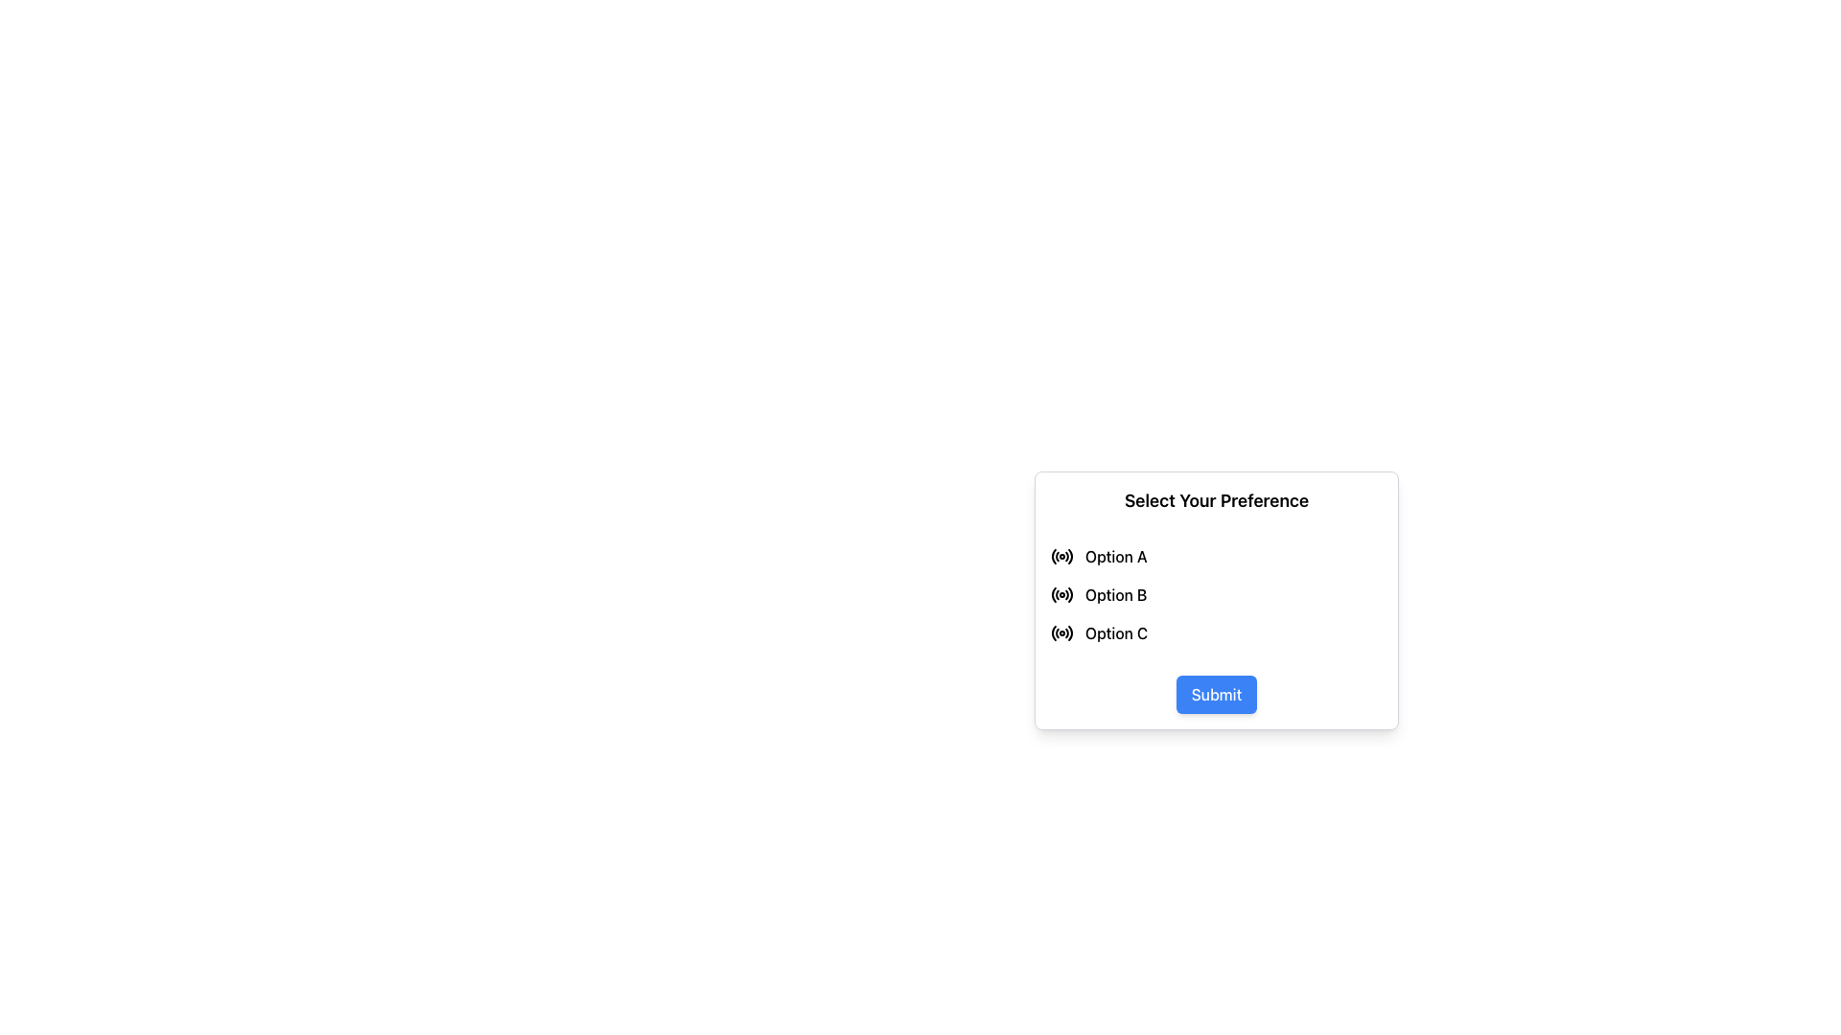 The image size is (1841, 1035). What do you see at coordinates (1215, 594) in the screenshot?
I see `the radio button labeled 'Option B', which is the second option in a vertical list of three options` at bounding box center [1215, 594].